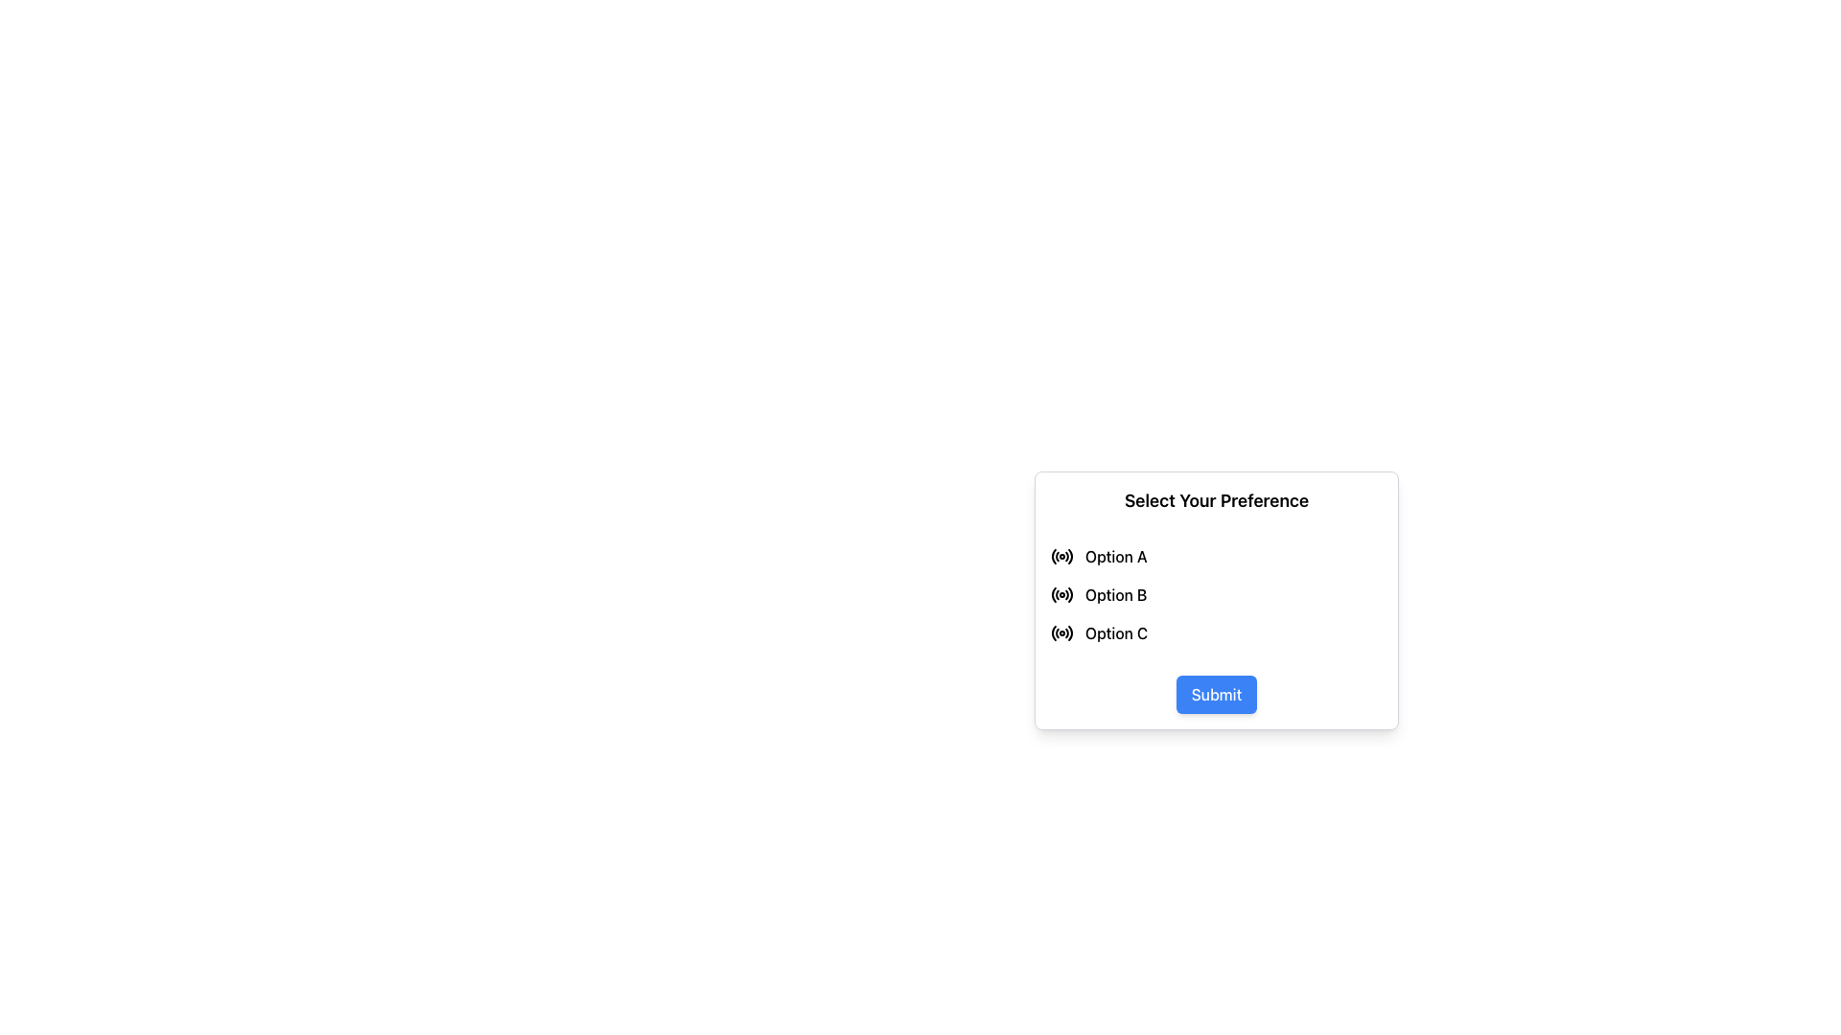 The image size is (1841, 1035). What do you see at coordinates (1215, 594) in the screenshot?
I see `the radio button labeled 'Option B', which is the second option in a vertical list of three options` at bounding box center [1215, 594].